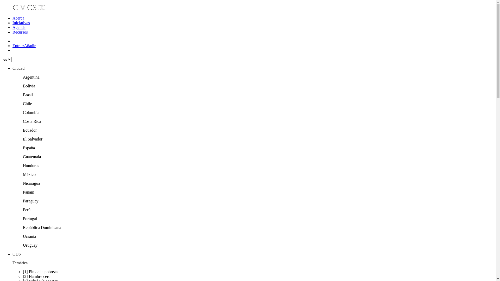  Describe the element at coordinates (18, 18) in the screenshot. I see `'Acerca'` at that location.